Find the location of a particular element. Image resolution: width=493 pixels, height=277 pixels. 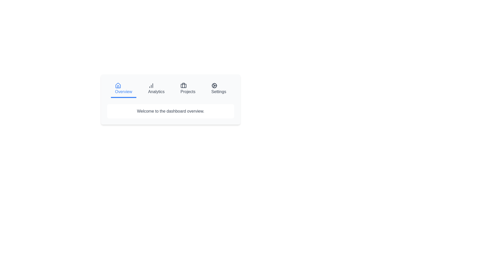

the tab labeled Settings is located at coordinates (218, 89).